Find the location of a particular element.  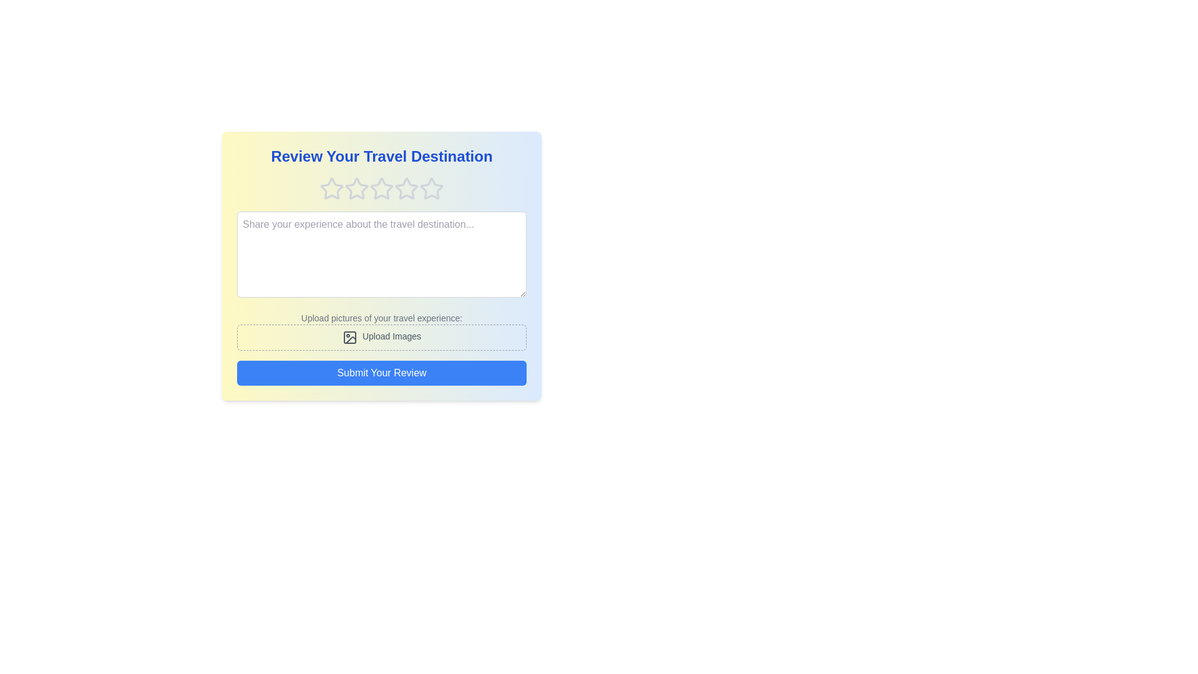

the star corresponding to the rating 1 is located at coordinates (332, 189).